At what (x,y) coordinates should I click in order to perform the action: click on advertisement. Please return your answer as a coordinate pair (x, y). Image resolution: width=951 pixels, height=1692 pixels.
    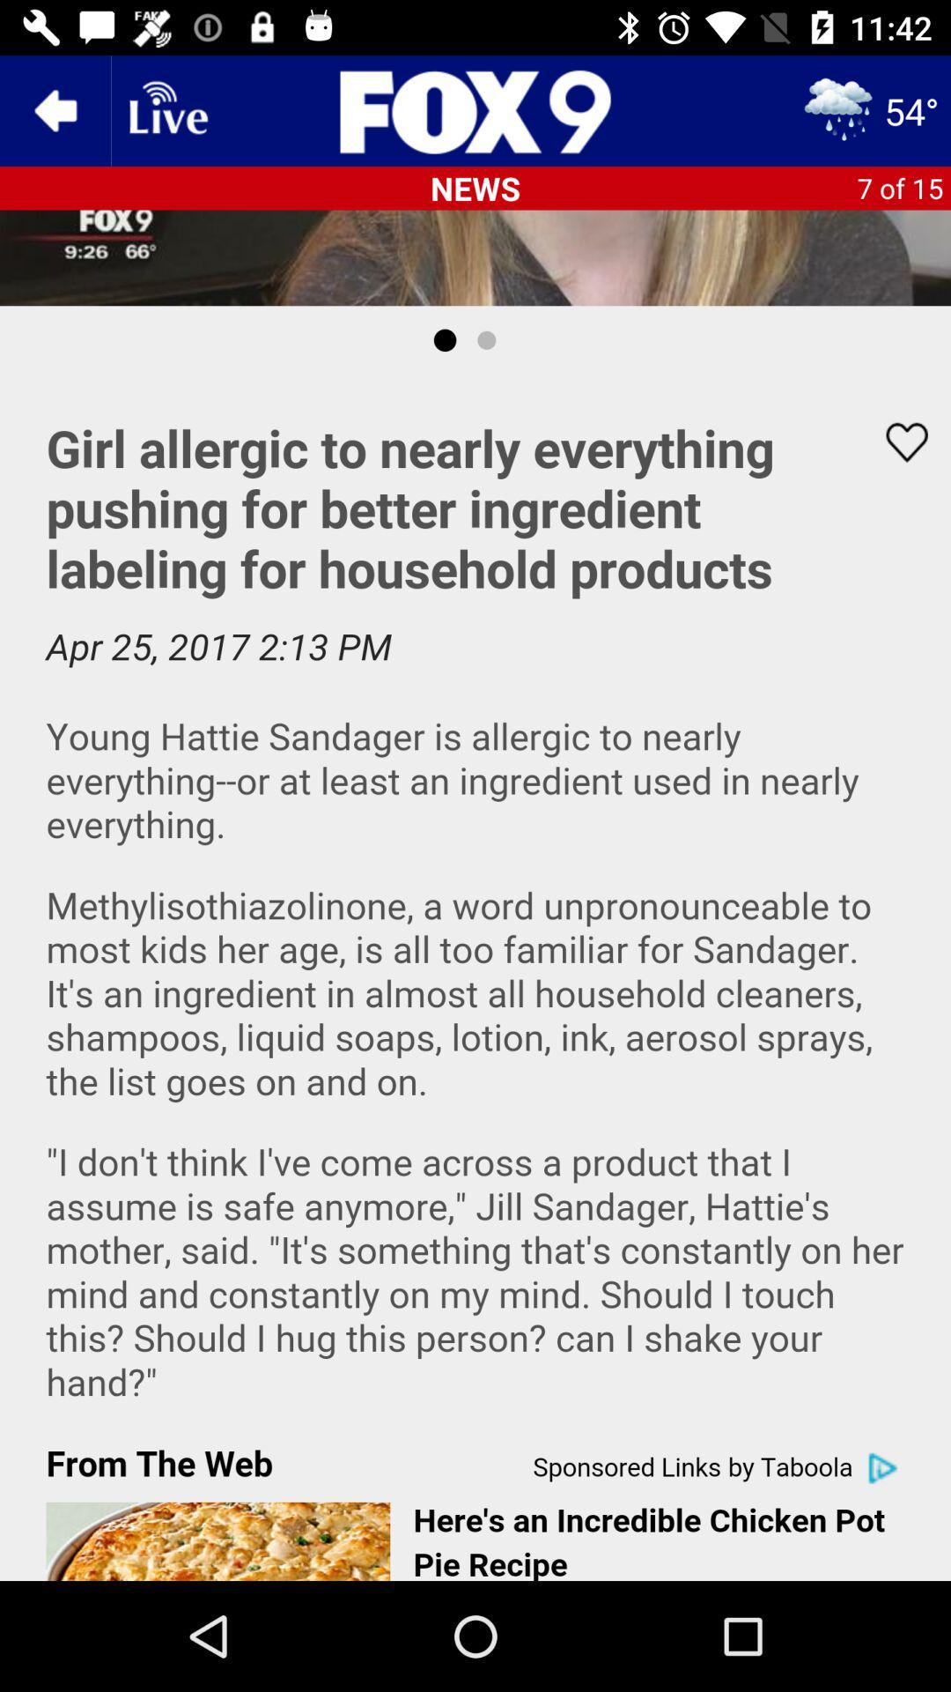
    Looking at the image, I should click on (475, 976).